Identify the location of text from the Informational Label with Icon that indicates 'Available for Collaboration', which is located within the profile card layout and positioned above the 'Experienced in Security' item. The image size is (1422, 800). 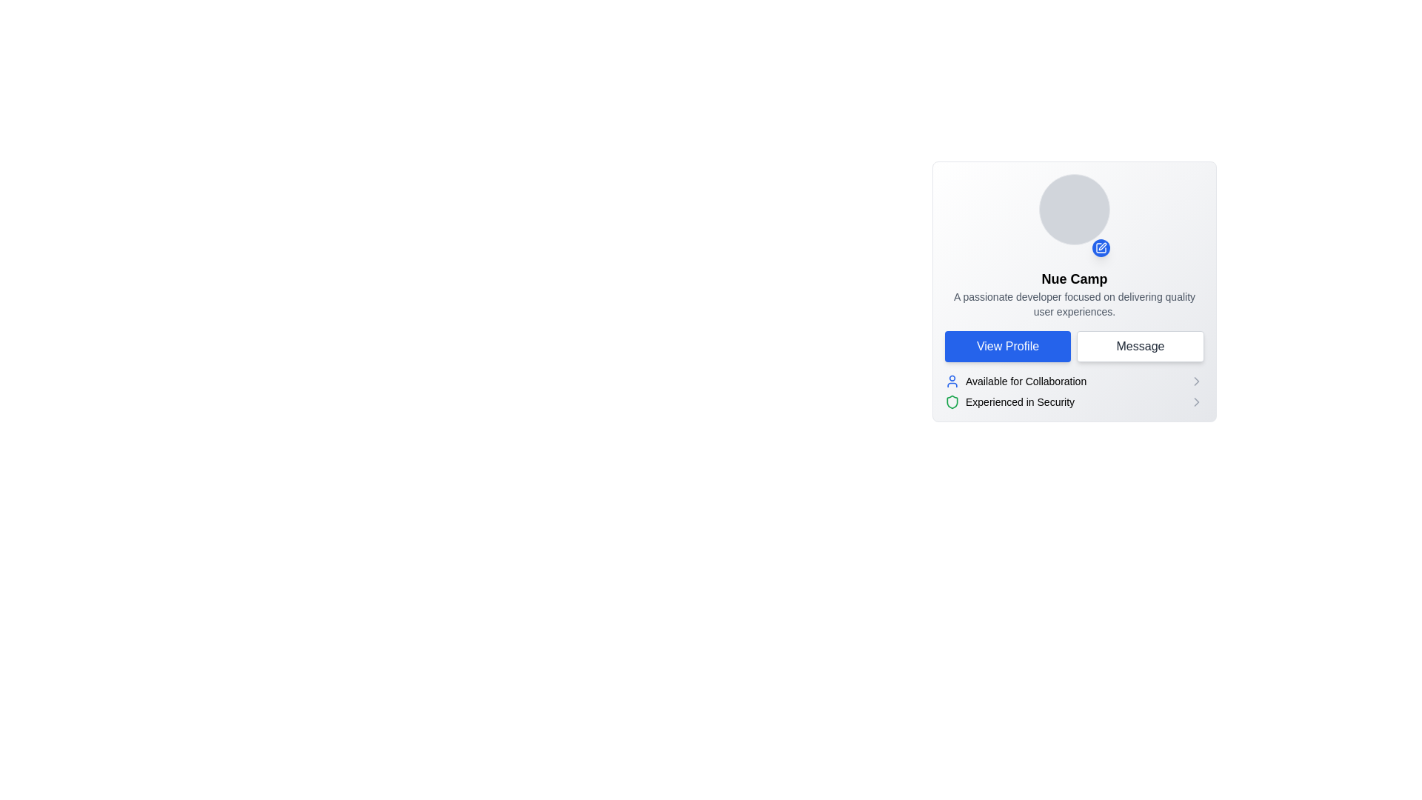
(1074, 381).